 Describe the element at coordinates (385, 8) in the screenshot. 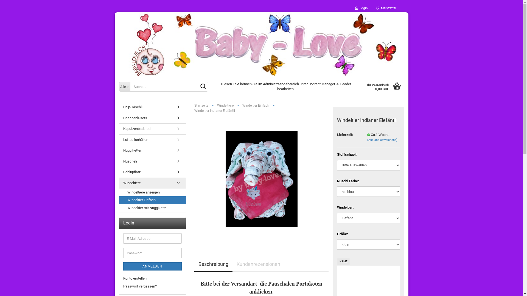

I see `' Merkzettel'` at that location.